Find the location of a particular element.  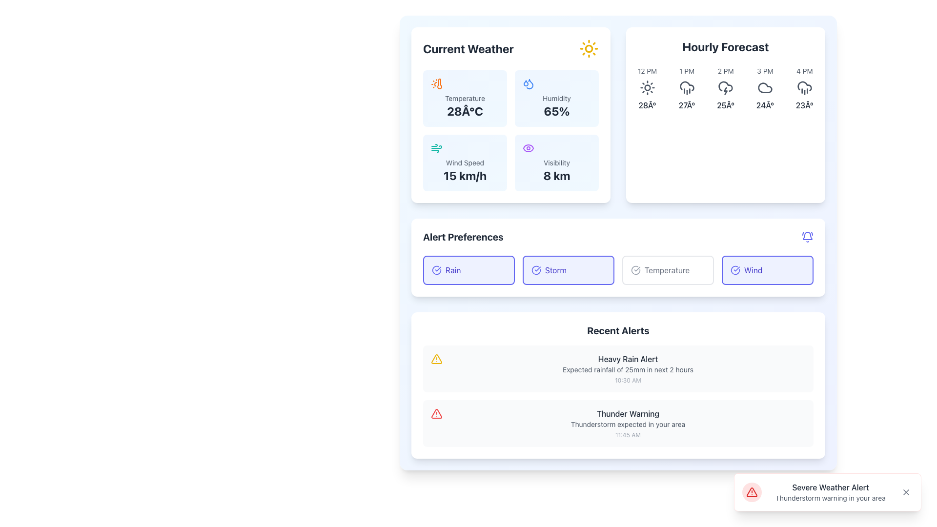

the Informational card displaying 'Humidity' with a blue droplet icon, which is located in the second column of the grid layout under 'Current Weather' is located at coordinates (557, 98).